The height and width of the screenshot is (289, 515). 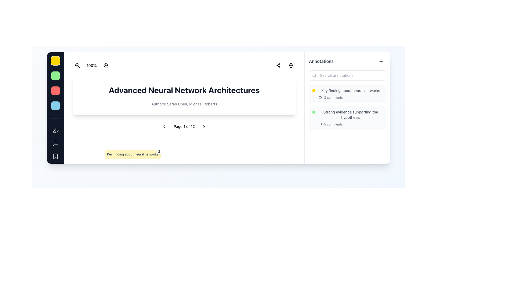 What do you see at coordinates (204, 127) in the screenshot?
I see `the rightward-pointing chevron icon, which is a narrow triangular shape located at the bottom of the top white content block, adjacent to the left navigation arrow and directly right of the 'Page 1 of 12' text` at bounding box center [204, 127].